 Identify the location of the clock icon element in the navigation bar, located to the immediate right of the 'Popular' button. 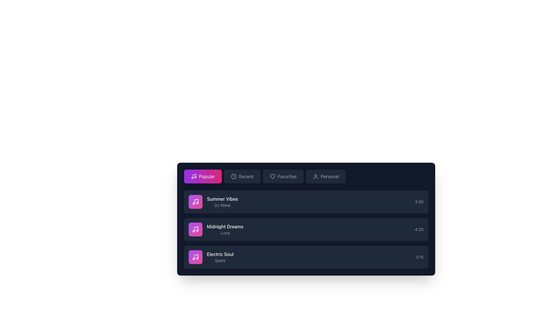
(234, 176).